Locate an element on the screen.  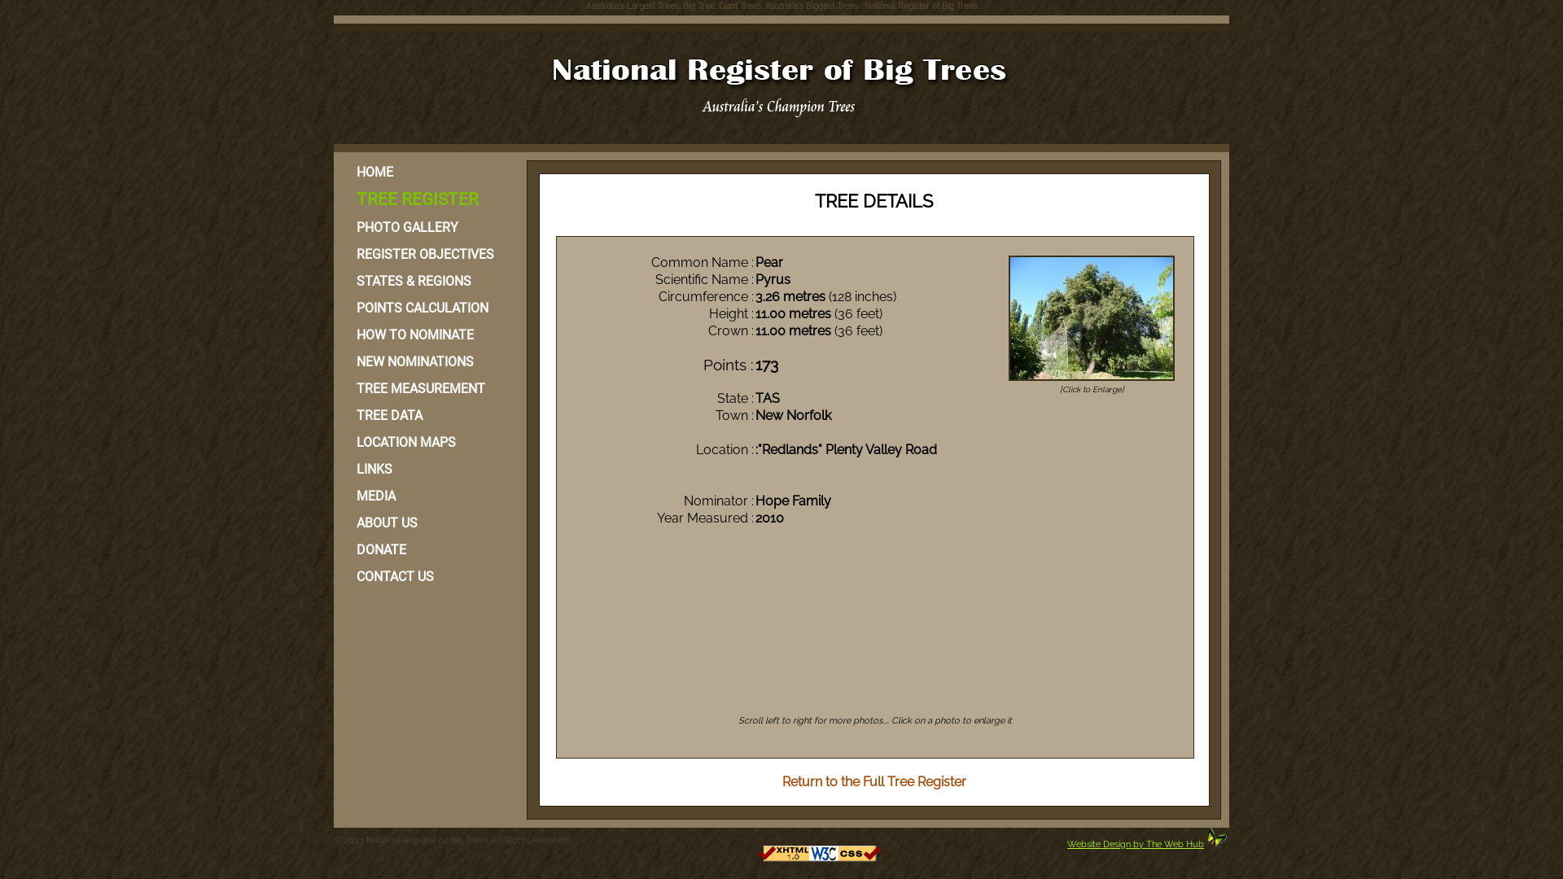
'ABOUT US' is located at coordinates (428, 523).